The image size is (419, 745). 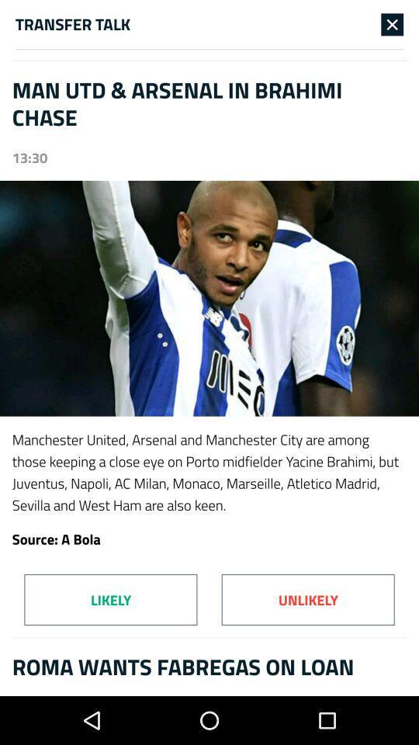 What do you see at coordinates (109, 599) in the screenshot?
I see `the likely icon` at bounding box center [109, 599].